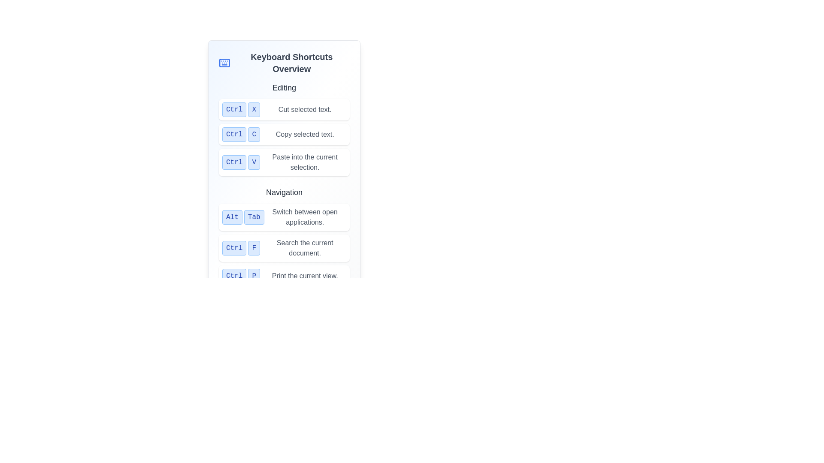 This screenshot has height=463, width=824. Describe the element at coordinates (242, 162) in the screenshot. I see `the styled text element representing the keyboard shortcut 'Ctrl + V', which is located in the middle section of the interface within the 'Editing' category, positioned below 'Ctrl + C' and above 'Alt + Tab'` at that location.